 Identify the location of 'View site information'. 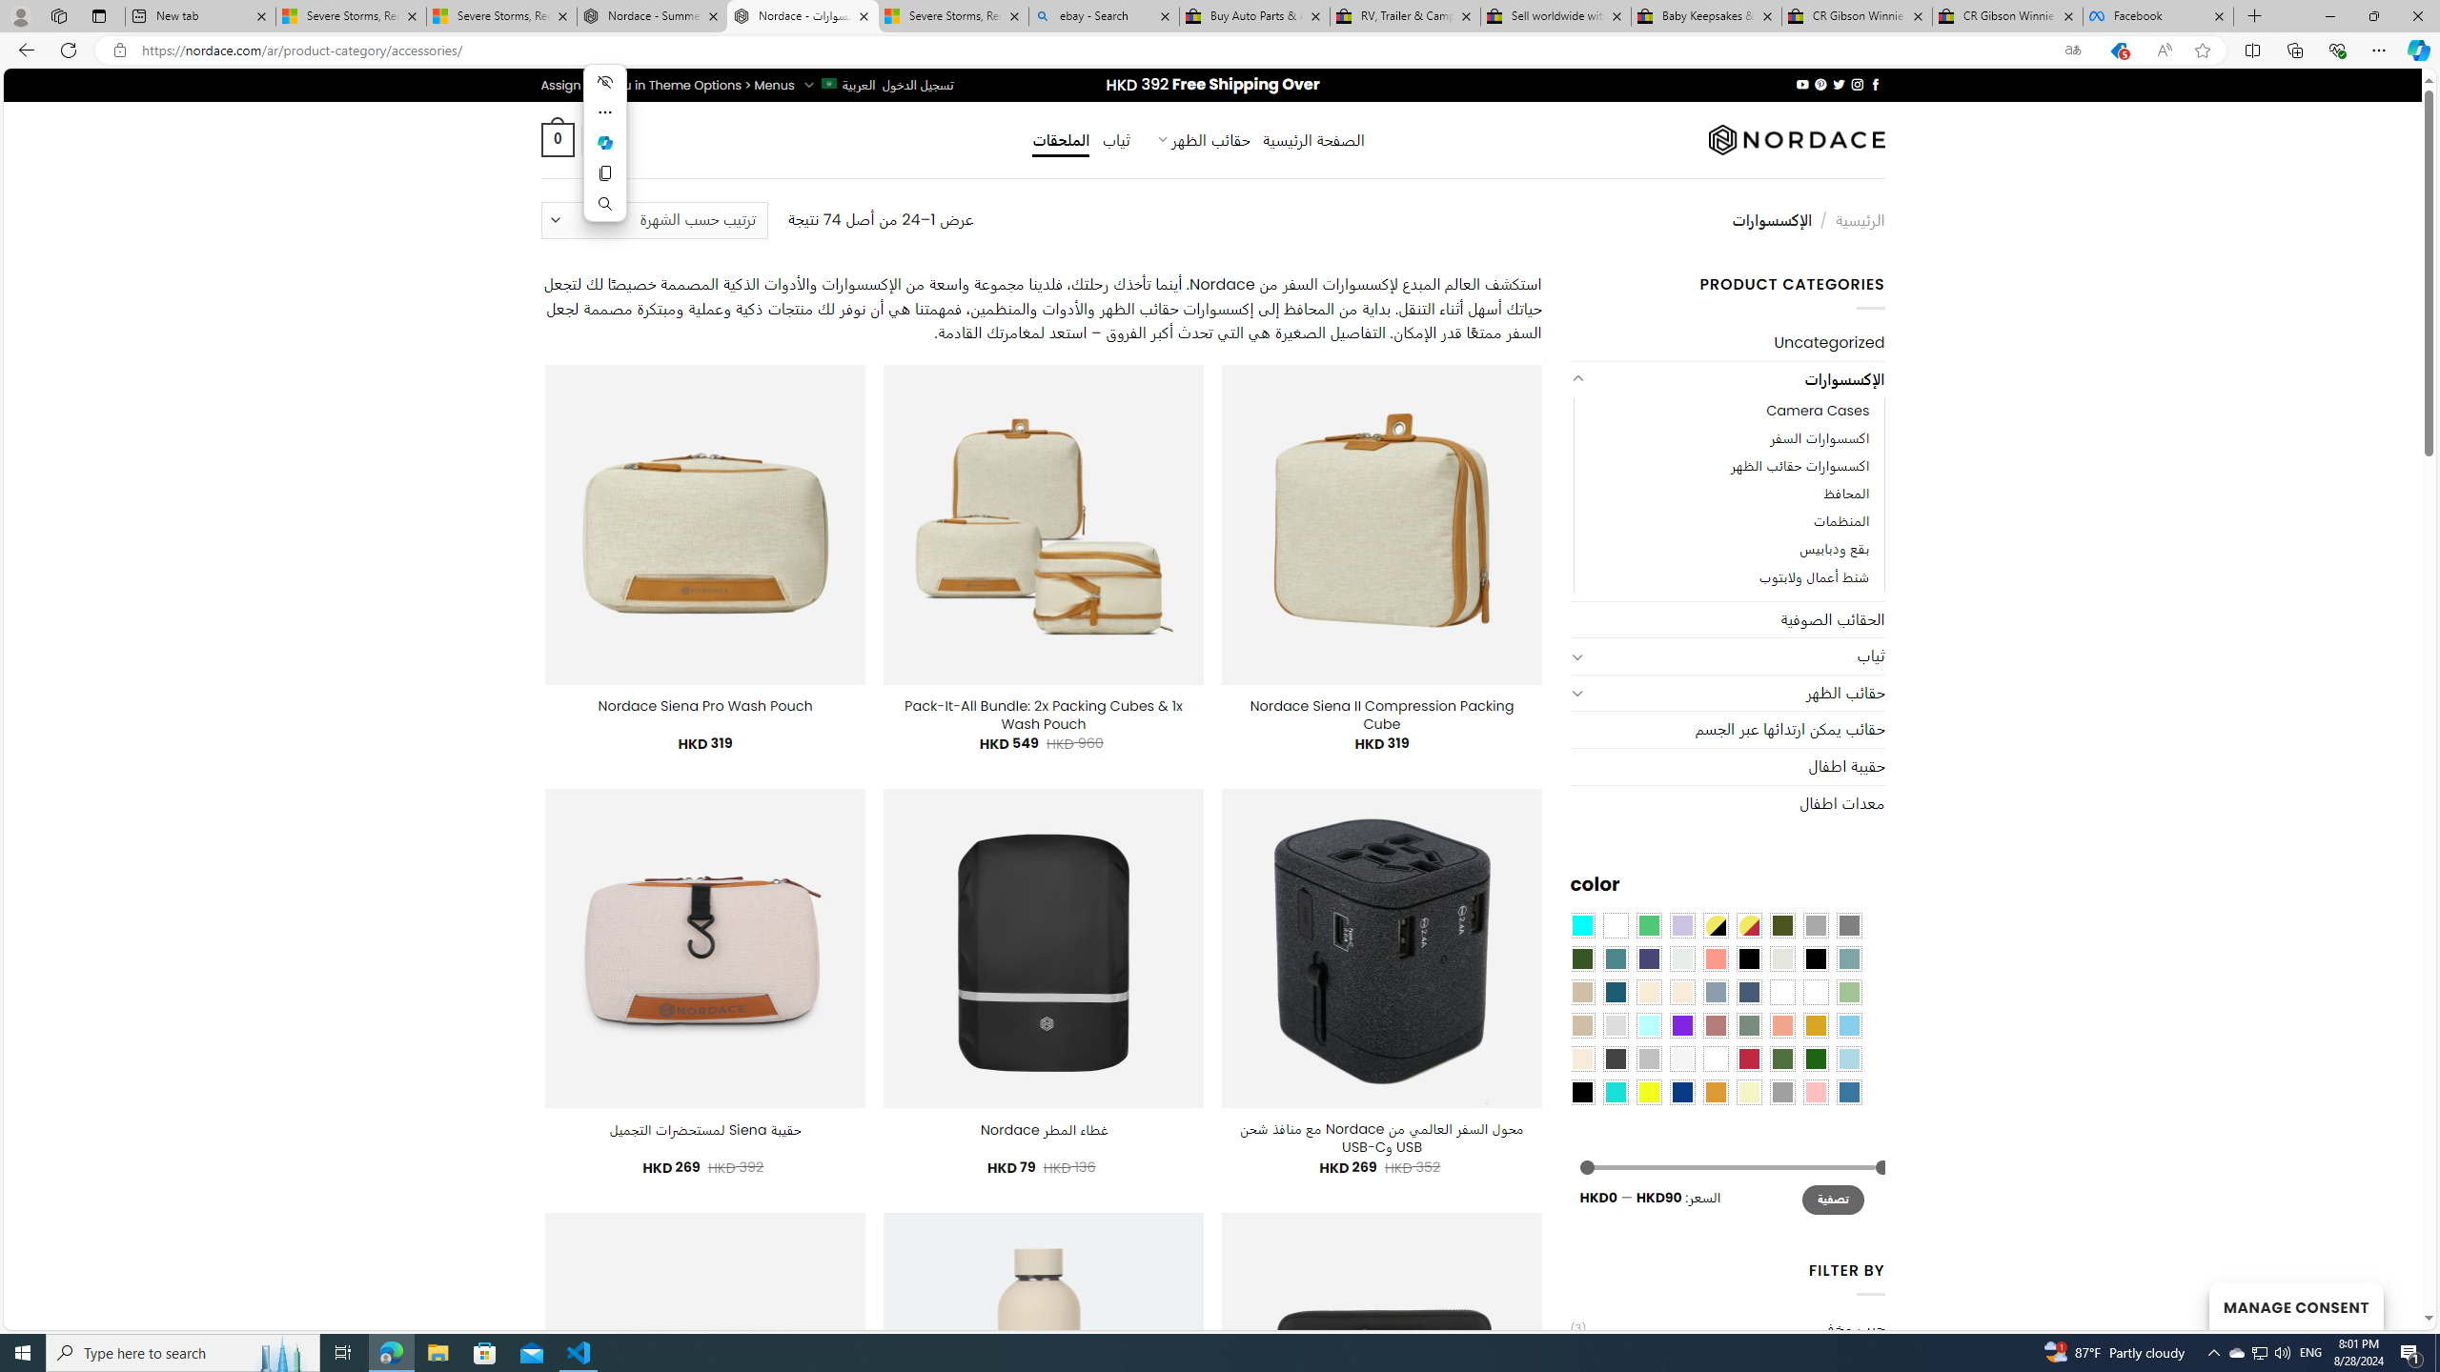
(119, 50).